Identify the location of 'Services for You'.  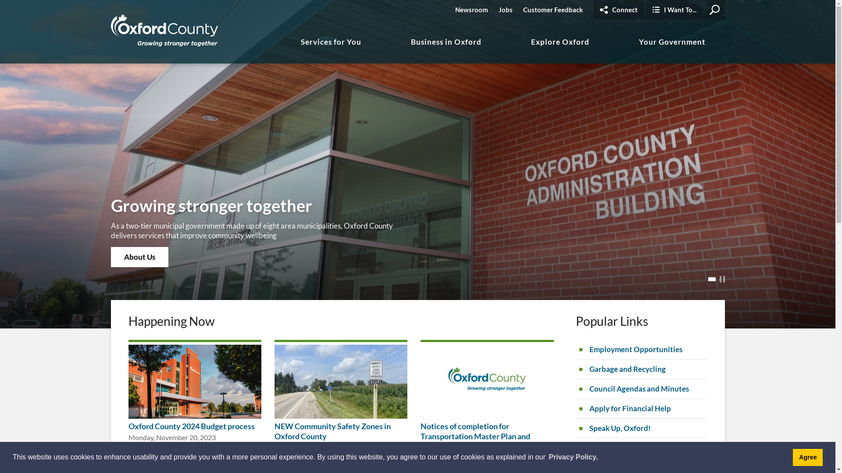
(330, 50).